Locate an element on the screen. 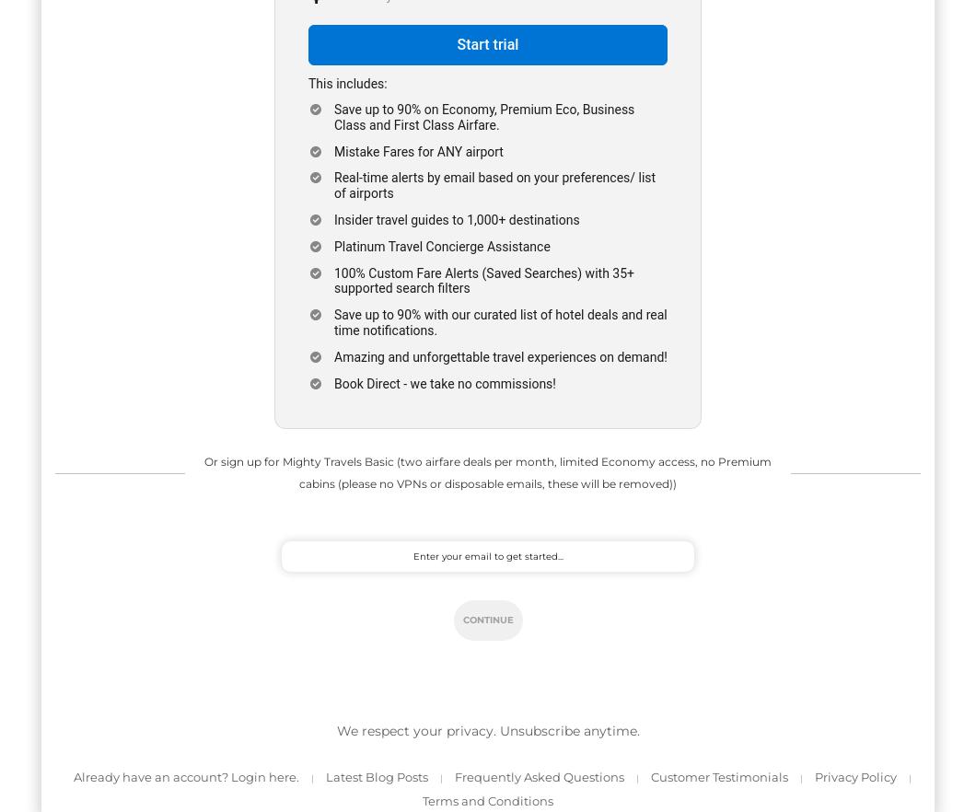 The image size is (976, 812). 'Or sign up for Mighty Travels Basic (two airfare deals per month, limited Economy access, no Premium cabins (please no VPNs or disposable emails, these will be removed))' is located at coordinates (488, 472).